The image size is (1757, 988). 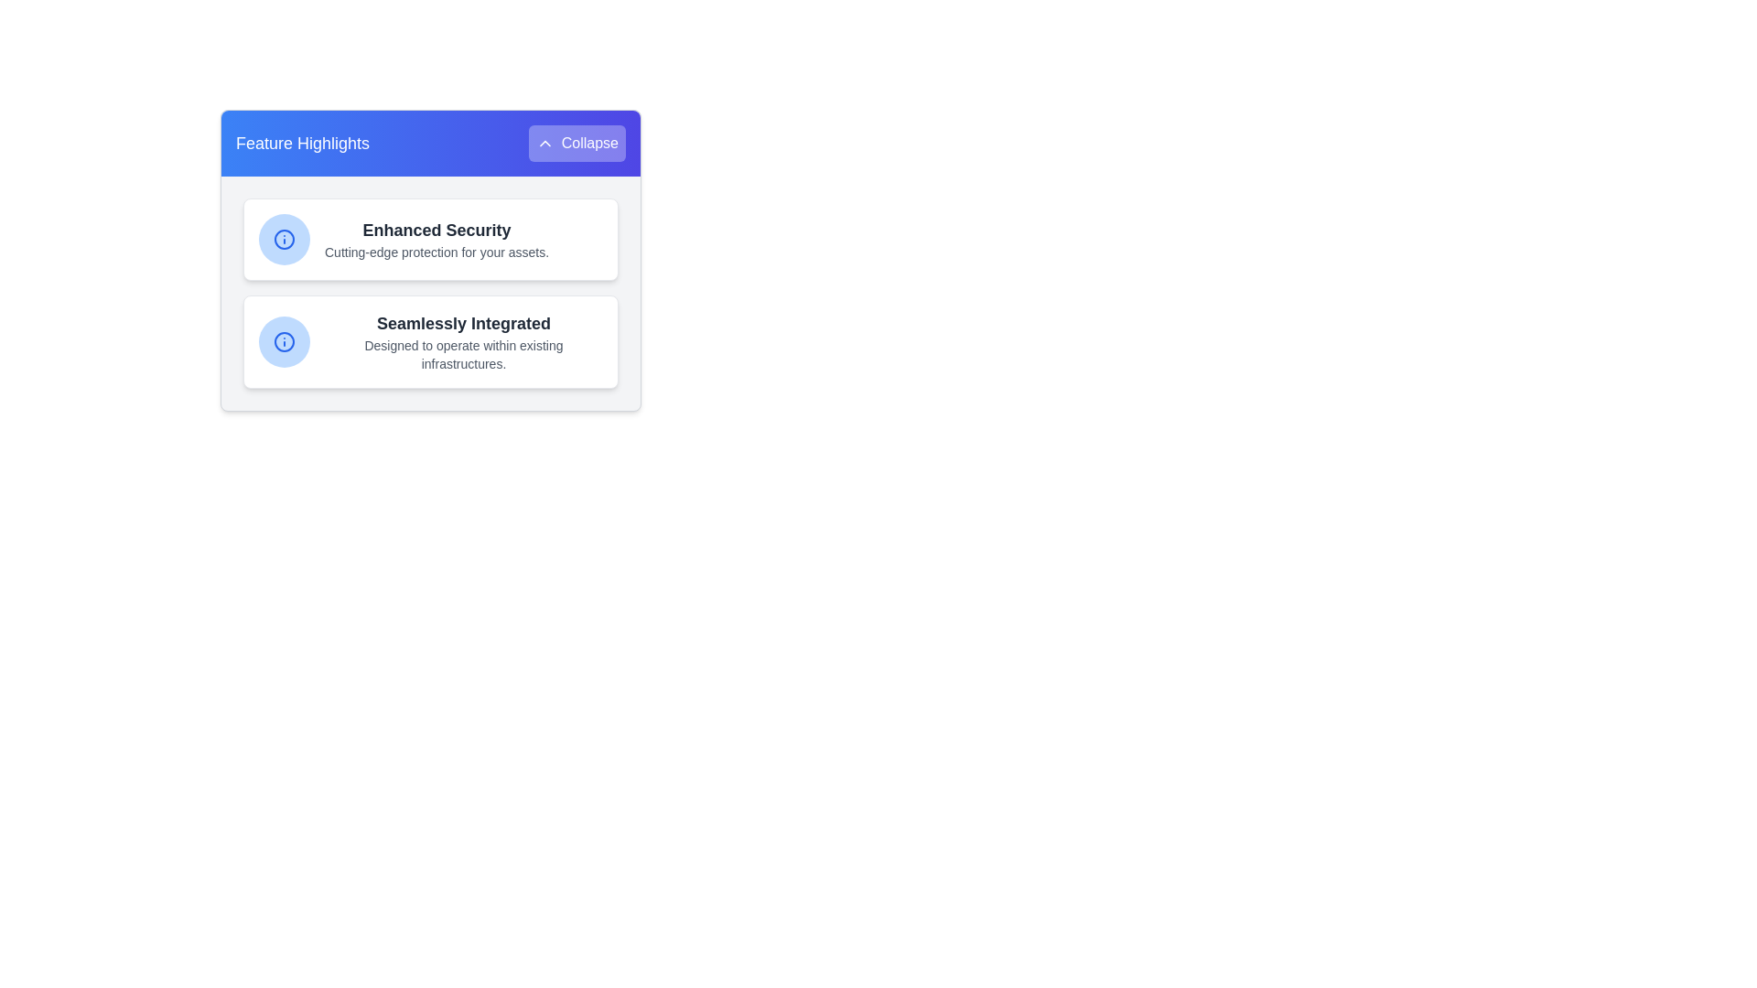 I want to click on descriptive text element located below the 'Enhanced Security' text, which provides supplementary information about the feature, so click(x=436, y=252).